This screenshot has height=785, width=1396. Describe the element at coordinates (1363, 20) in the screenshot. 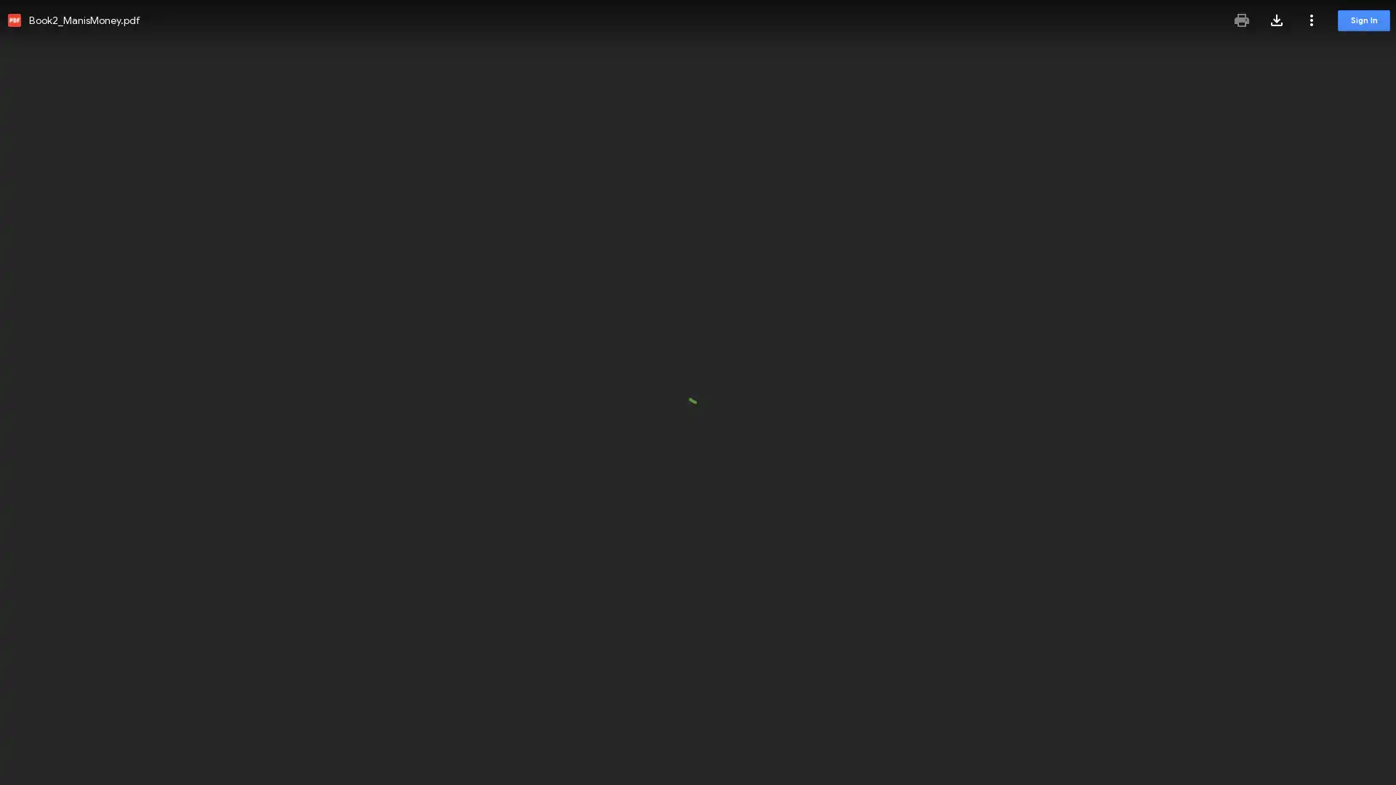

I see `Sign In` at that location.